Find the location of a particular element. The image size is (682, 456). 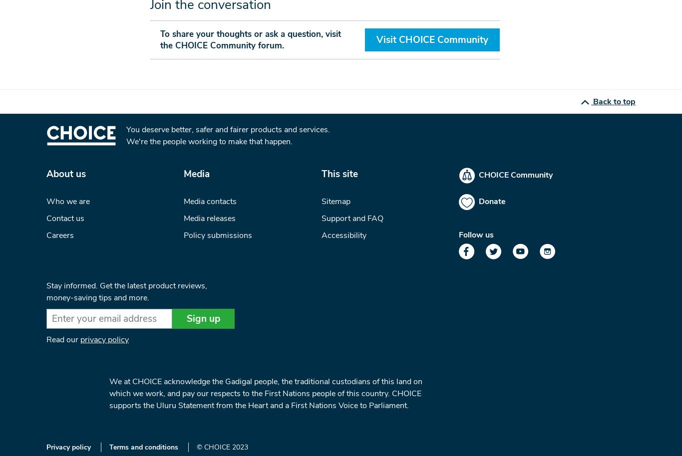

'Media releases' is located at coordinates (209, 218).